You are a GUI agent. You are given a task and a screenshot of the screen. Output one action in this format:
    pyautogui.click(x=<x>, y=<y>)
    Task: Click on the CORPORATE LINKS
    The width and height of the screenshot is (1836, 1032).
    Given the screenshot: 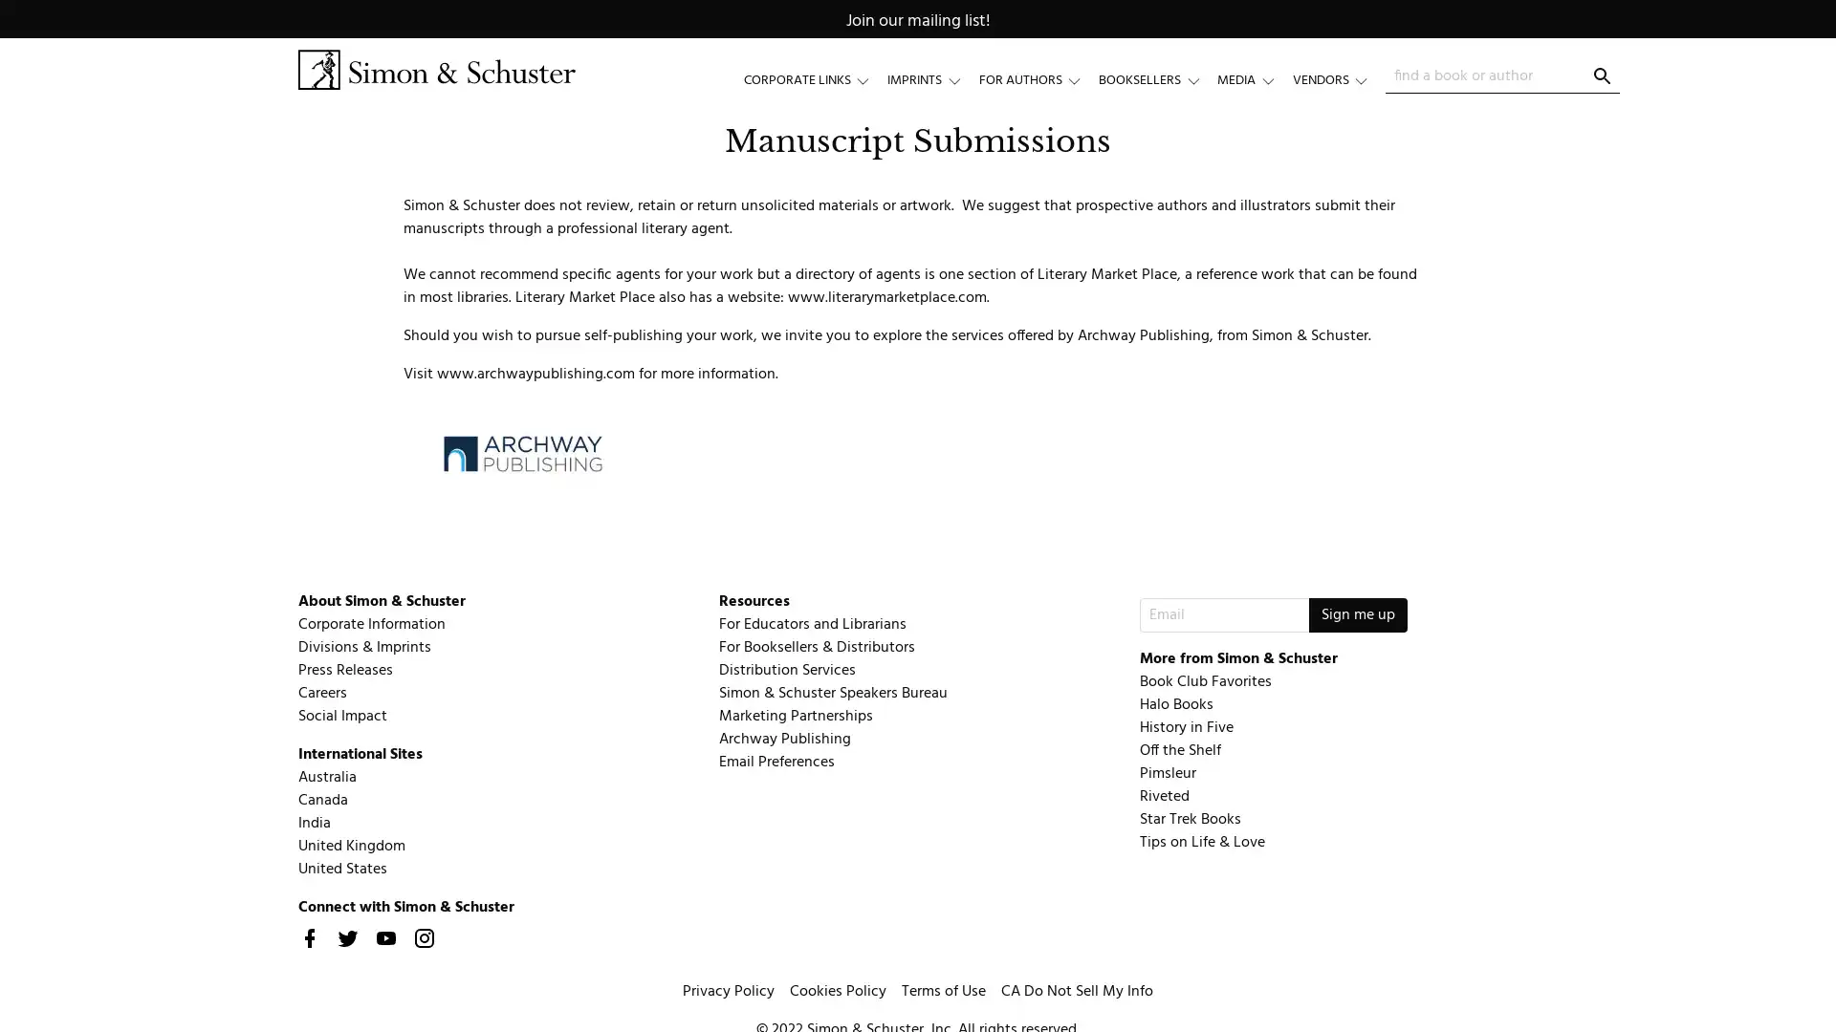 What is the action you would take?
    pyautogui.click(x=815, y=79)
    